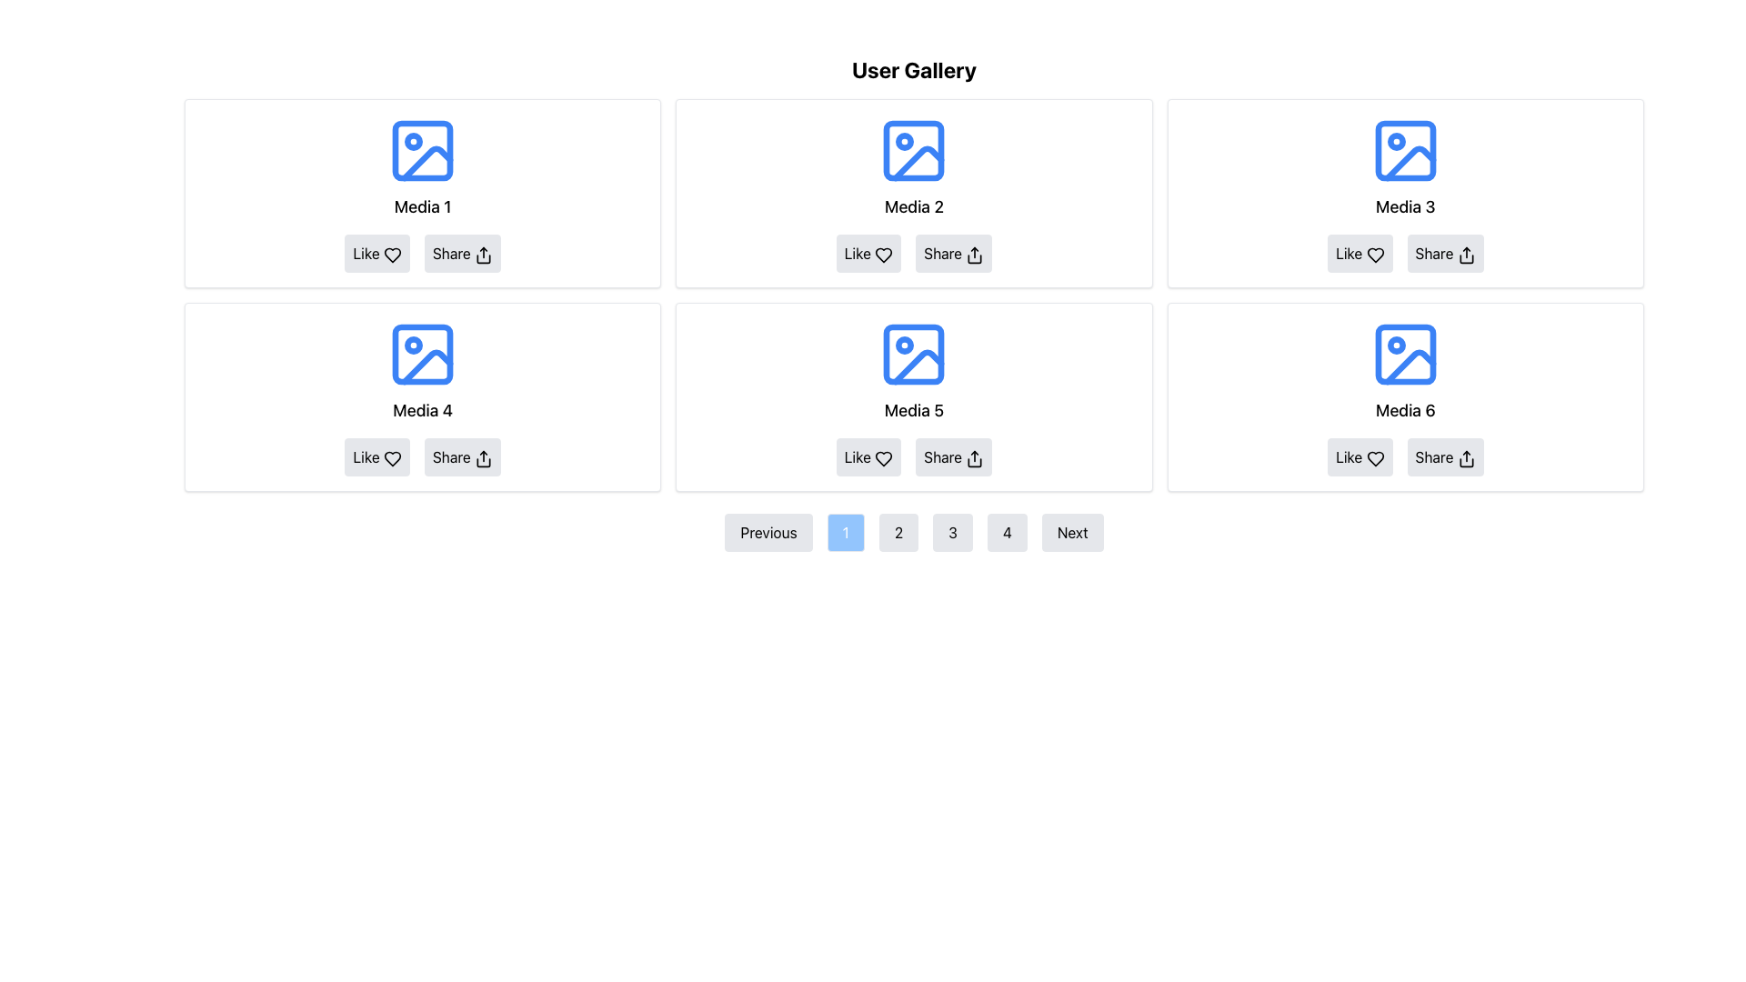  I want to click on the heart icon inside the 'Like' button below the 'Media 6' section to like the media, so click(1375, 457).